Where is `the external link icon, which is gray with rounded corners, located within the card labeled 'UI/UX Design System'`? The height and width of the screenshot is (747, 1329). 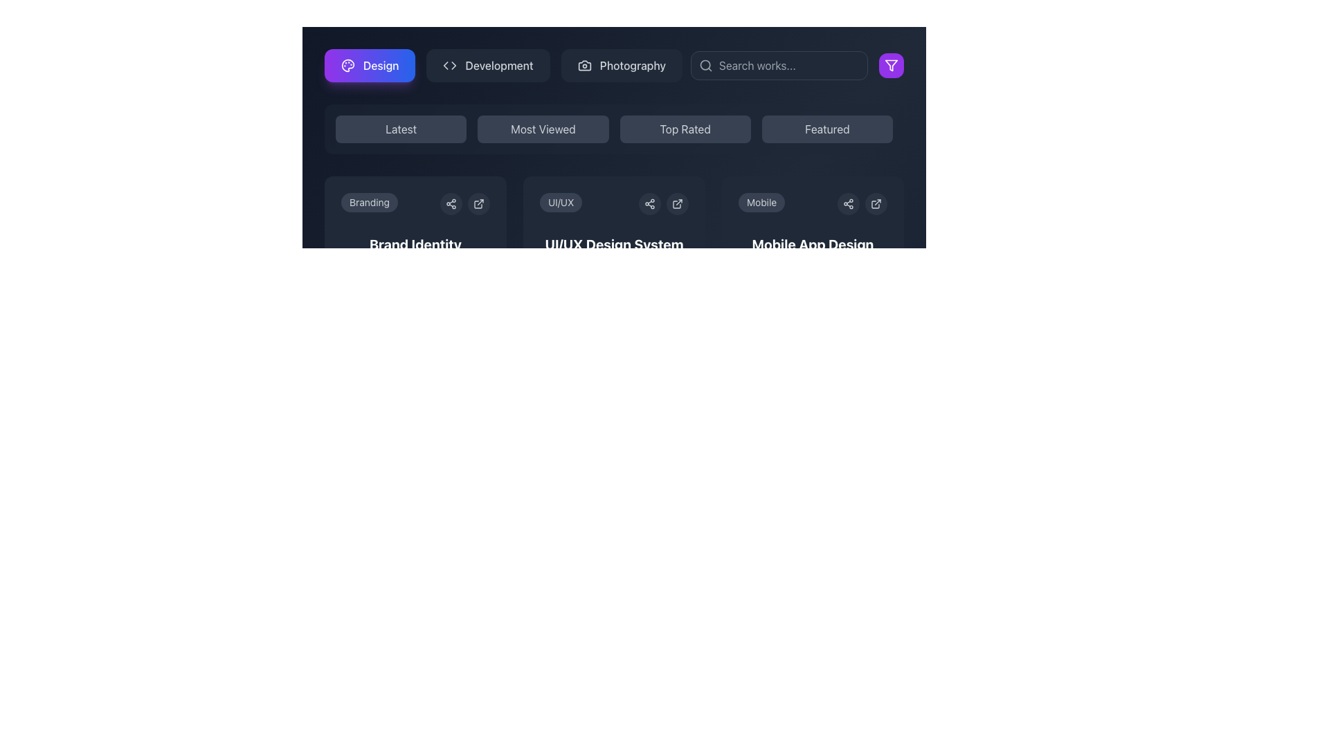 the external link icon, which is gray with rounded corners, located within the card labeled 'UI/UX Design System' is located at coordinates (678, 203).